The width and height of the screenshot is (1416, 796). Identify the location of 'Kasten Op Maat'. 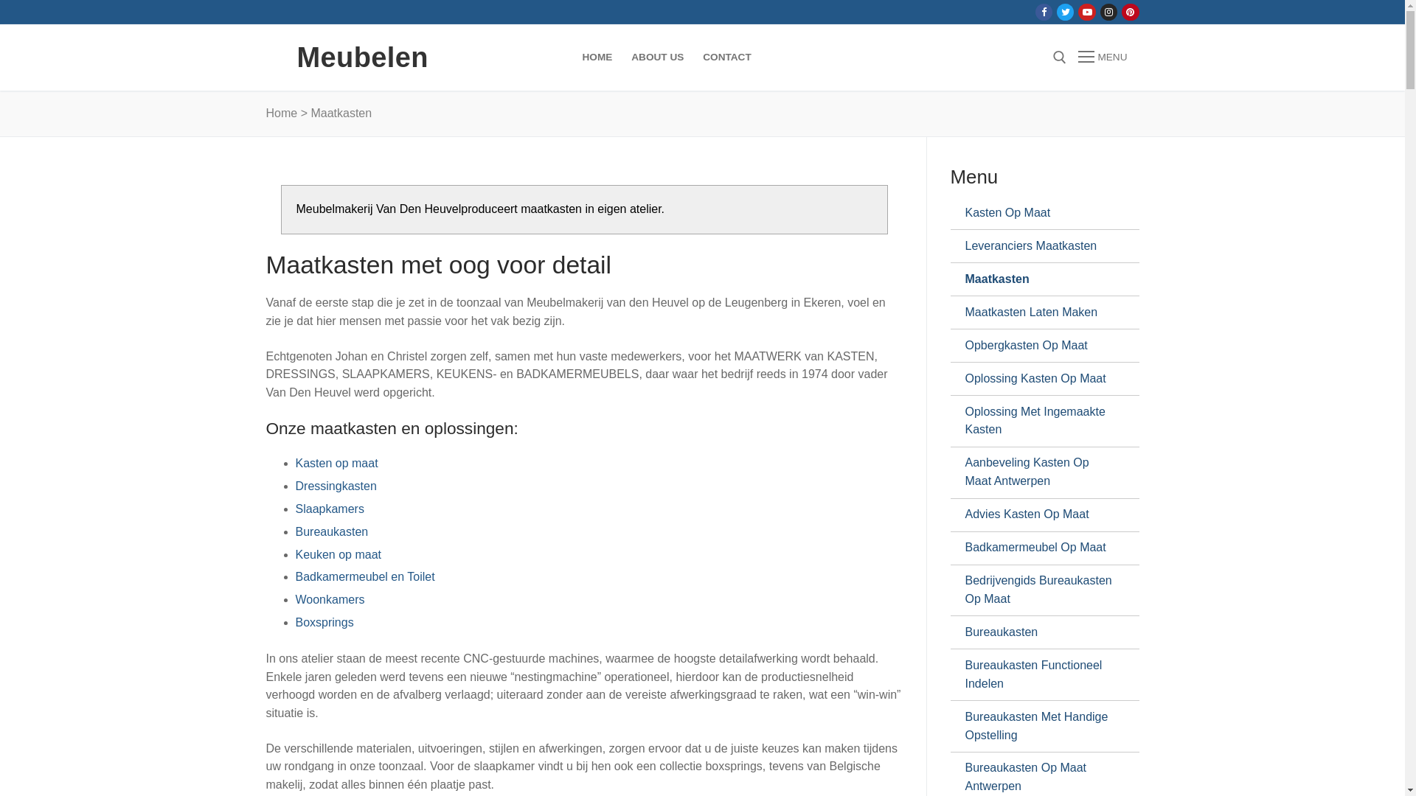
(965, 213).